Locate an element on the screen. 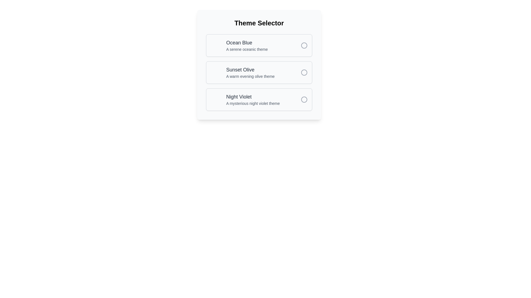  the radio button circle for the 'Night Violet' theme option is located at coordinates (304, 100).